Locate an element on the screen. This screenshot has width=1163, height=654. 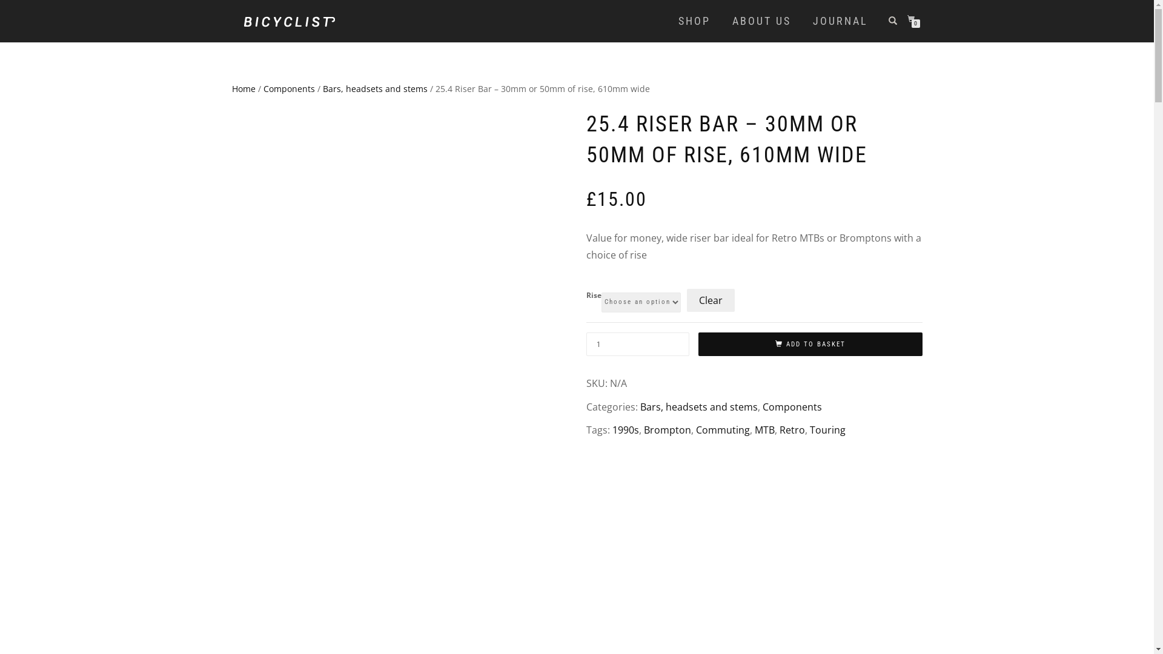
'JOURNAL' is located at coordinates (839, 21).